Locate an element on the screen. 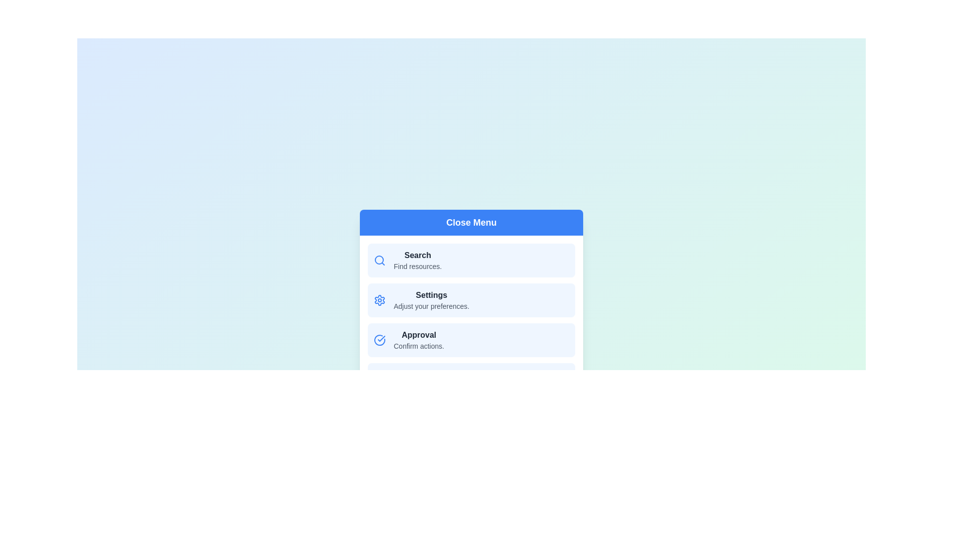 This screenshot has width=957, height=538. the icon associated with the menu item Search is located at coordinates (379, 260).